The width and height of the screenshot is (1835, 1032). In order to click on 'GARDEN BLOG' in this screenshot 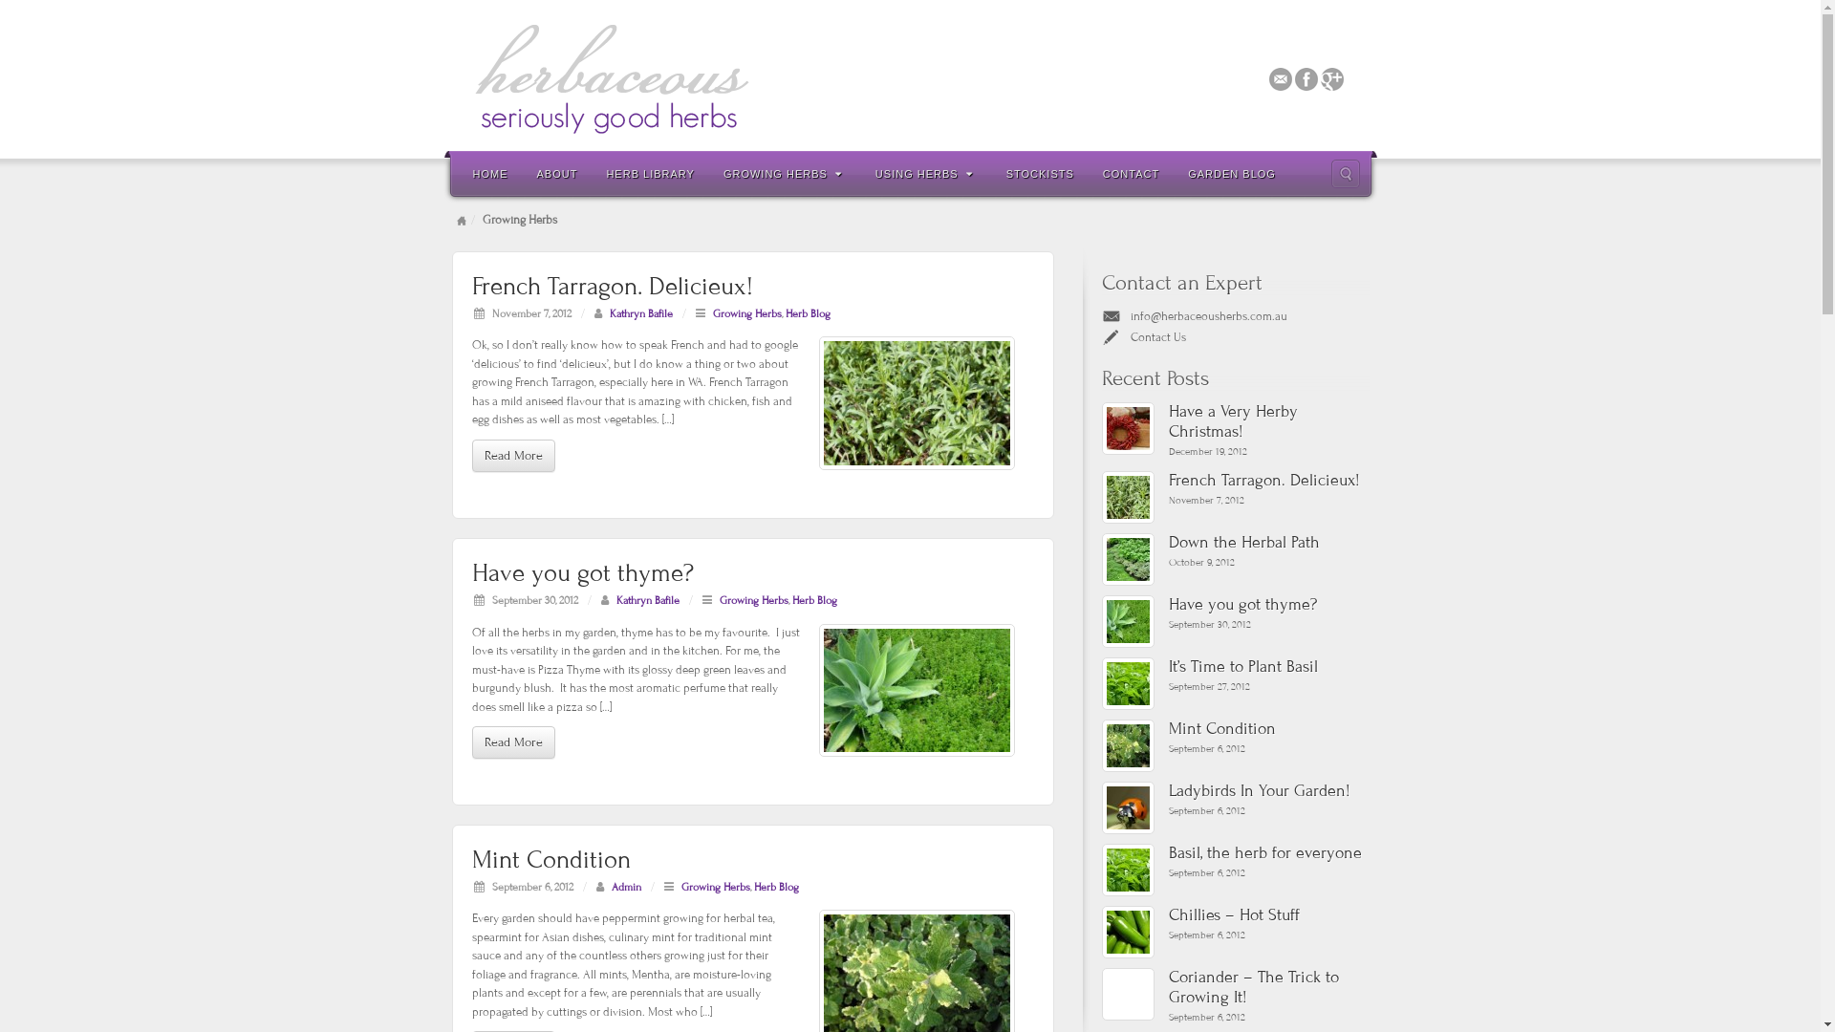, I will do `click(1232, 173)`.